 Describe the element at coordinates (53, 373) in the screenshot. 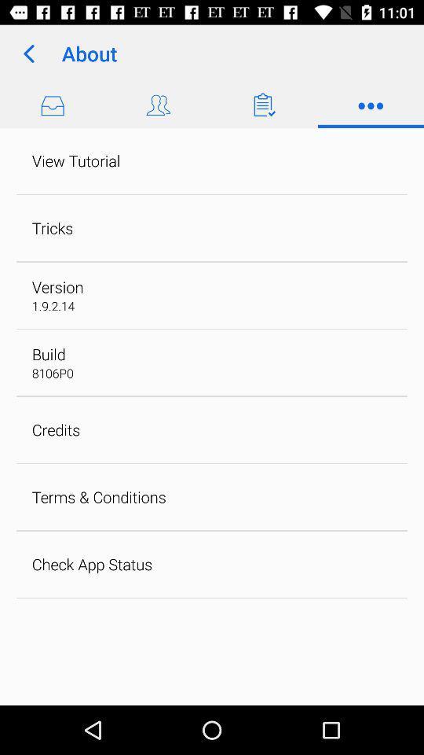

I see `the 8106p0` at that location.